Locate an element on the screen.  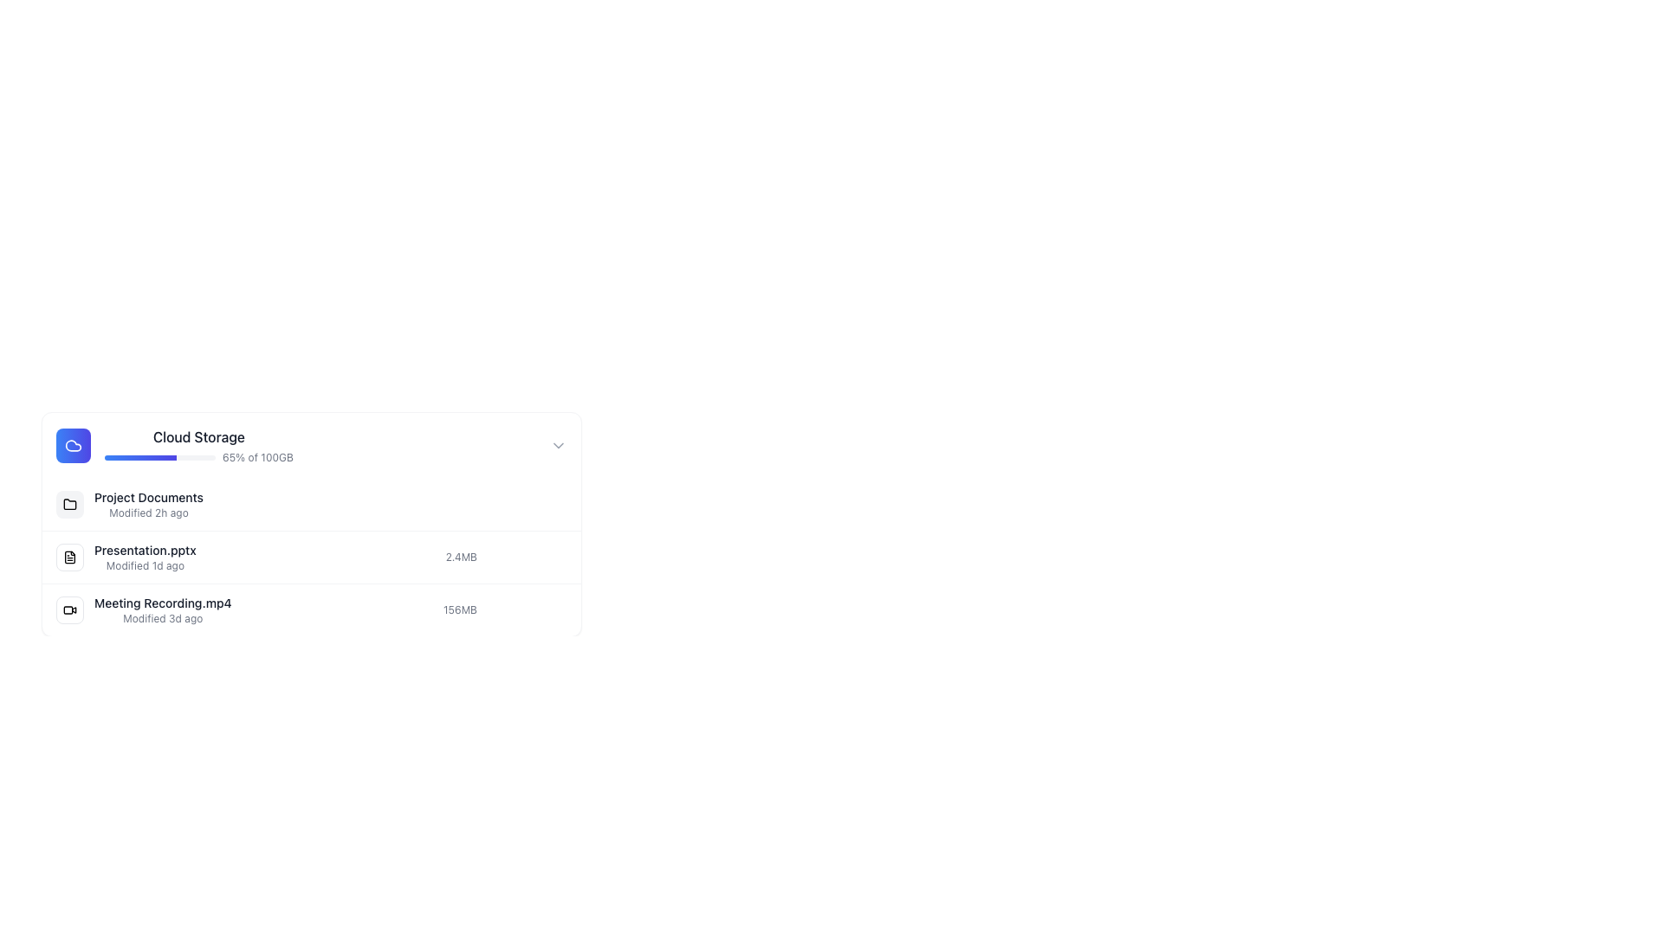
to select the file named 'Meeting Recording.mp4' in the file directory interface, which is the third entry in a vertical list is located at coordinates (163, 609).